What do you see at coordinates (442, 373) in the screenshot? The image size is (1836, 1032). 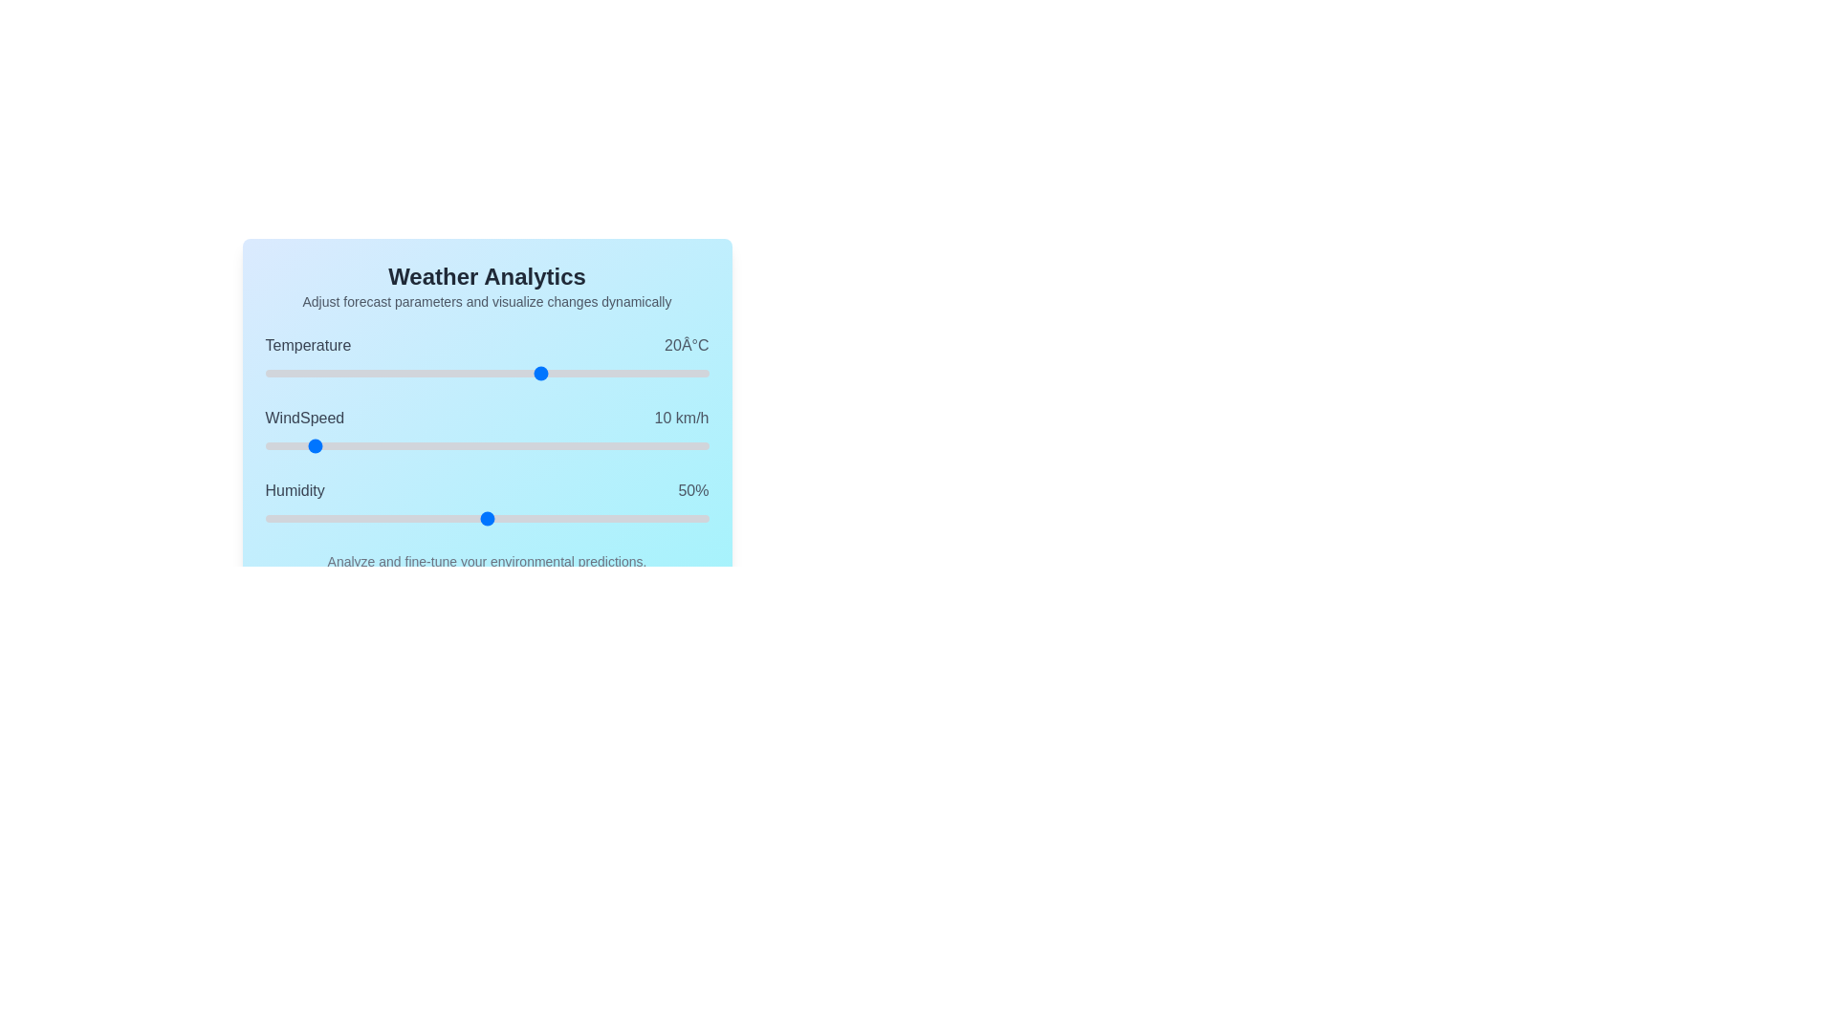 I see `the temperature slider to set the value to 2°C` at bounding box center [442, 373].